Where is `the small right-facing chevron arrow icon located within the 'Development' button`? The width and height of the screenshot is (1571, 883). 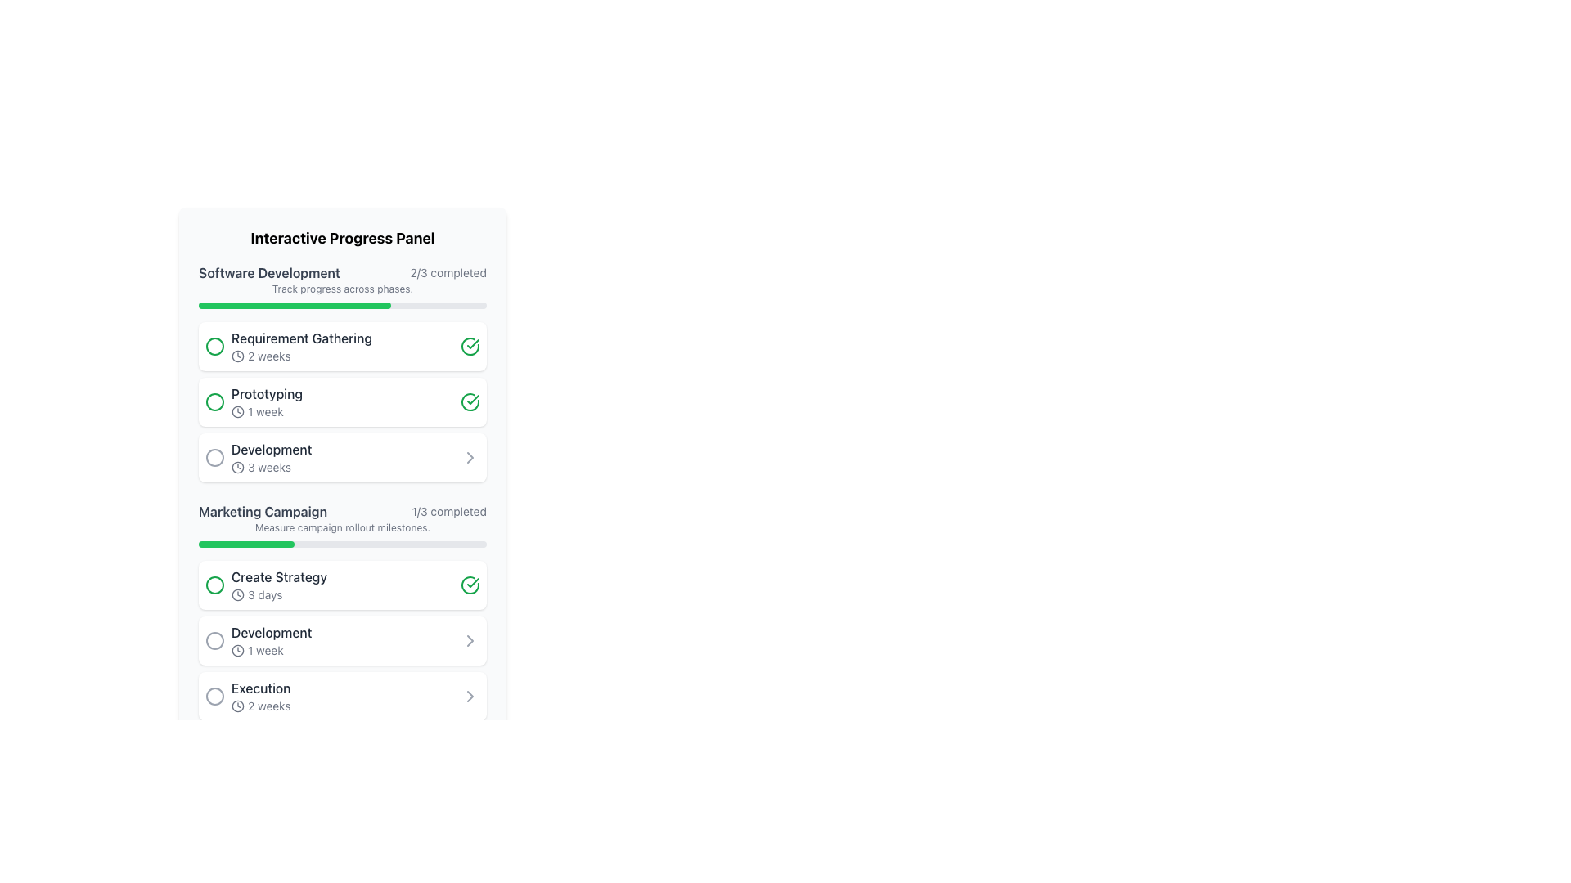
the small right-facing chevron arrow icon located within the 'Development' button is located at coordinates (470, 697).